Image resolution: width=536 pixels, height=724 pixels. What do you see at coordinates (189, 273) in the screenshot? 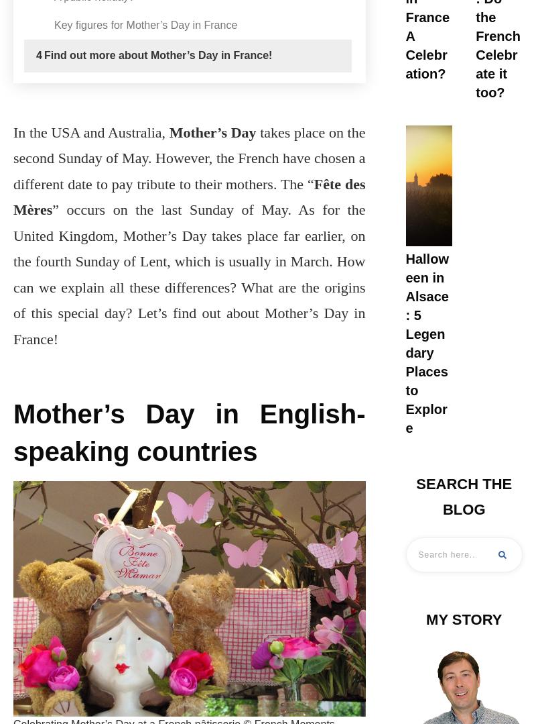
I see `'” occurs on the last Sunday of May. As for the United Kingdom, Mother’s Day takes place far earlier, on the fourth Sunday of Lent, which is usually in March. How can we explain all these differences? What are the origins of this special day? Let’s find out about Mother’s Day in France!'` at bounding box center [189, 273].